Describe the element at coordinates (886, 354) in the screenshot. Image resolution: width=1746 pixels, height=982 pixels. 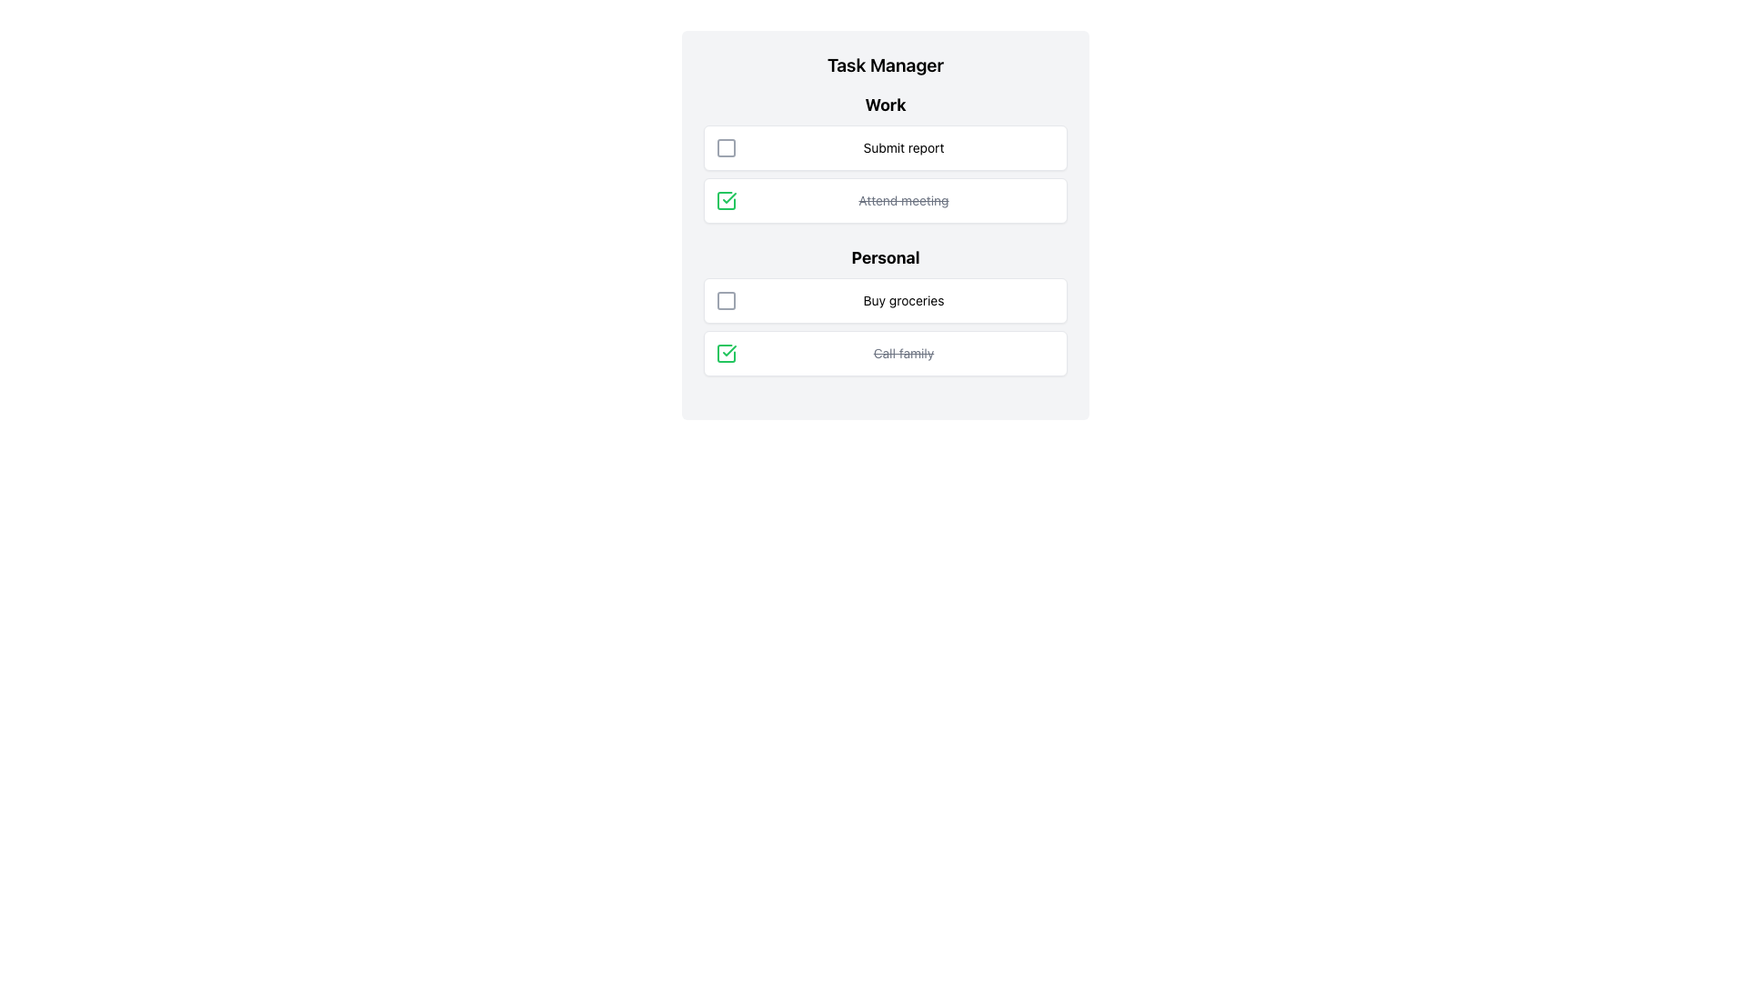
I see `the checkbox associated with the task 'Call family' to unmark it as completed` at that location.